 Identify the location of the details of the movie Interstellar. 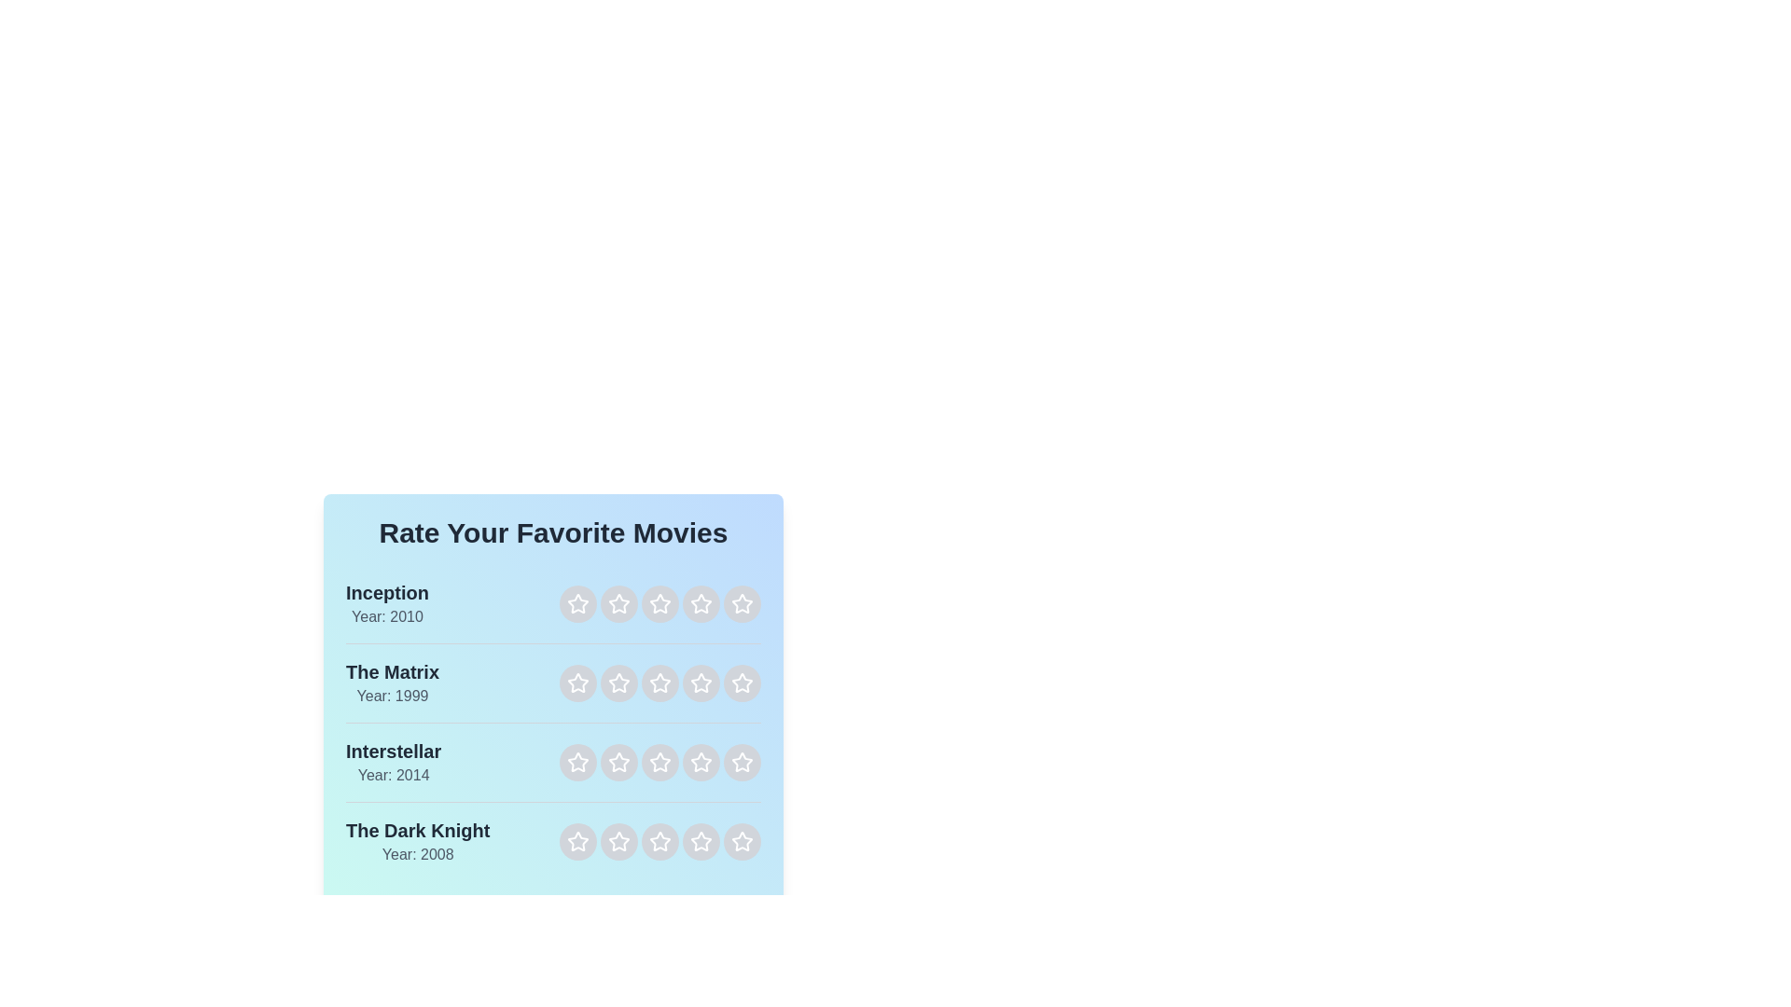
(393, 762).